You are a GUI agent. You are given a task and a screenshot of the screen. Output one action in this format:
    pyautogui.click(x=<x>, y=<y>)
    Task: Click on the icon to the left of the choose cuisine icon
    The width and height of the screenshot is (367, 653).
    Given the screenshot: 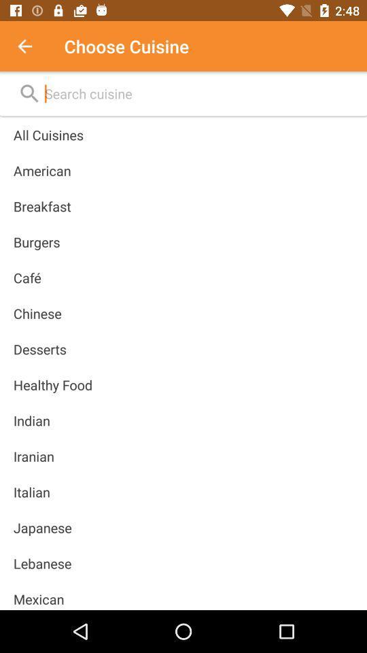 What is the action you would take?
    pyautogui.click(x=32, y=46)
    